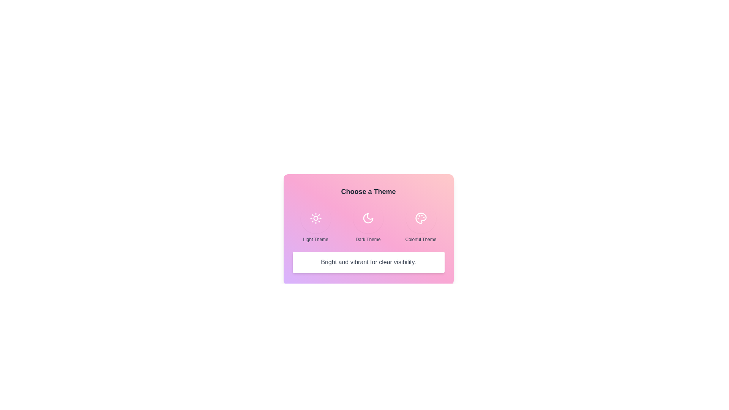  What do you see at coordinates (420, 218) in the screenshot?
I see `the theme Colorful Theme and observe the description` at bounding box center [420, 218].